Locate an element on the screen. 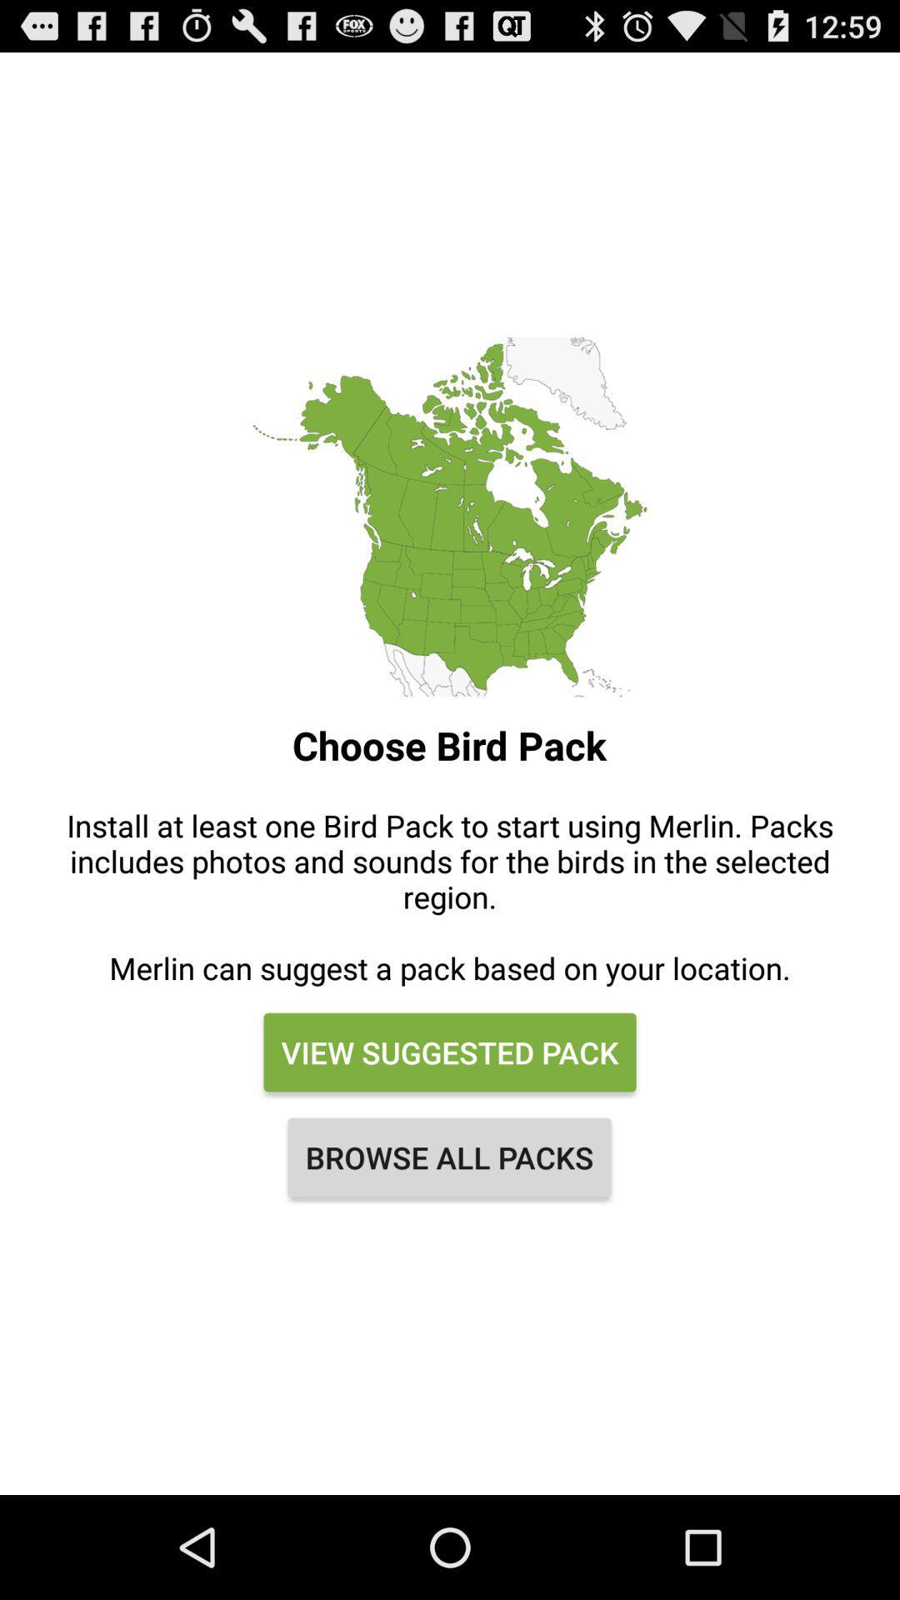 This screenshot has height=1600, width=900. icon below the install at least item is located at coordinates (450, 1051).